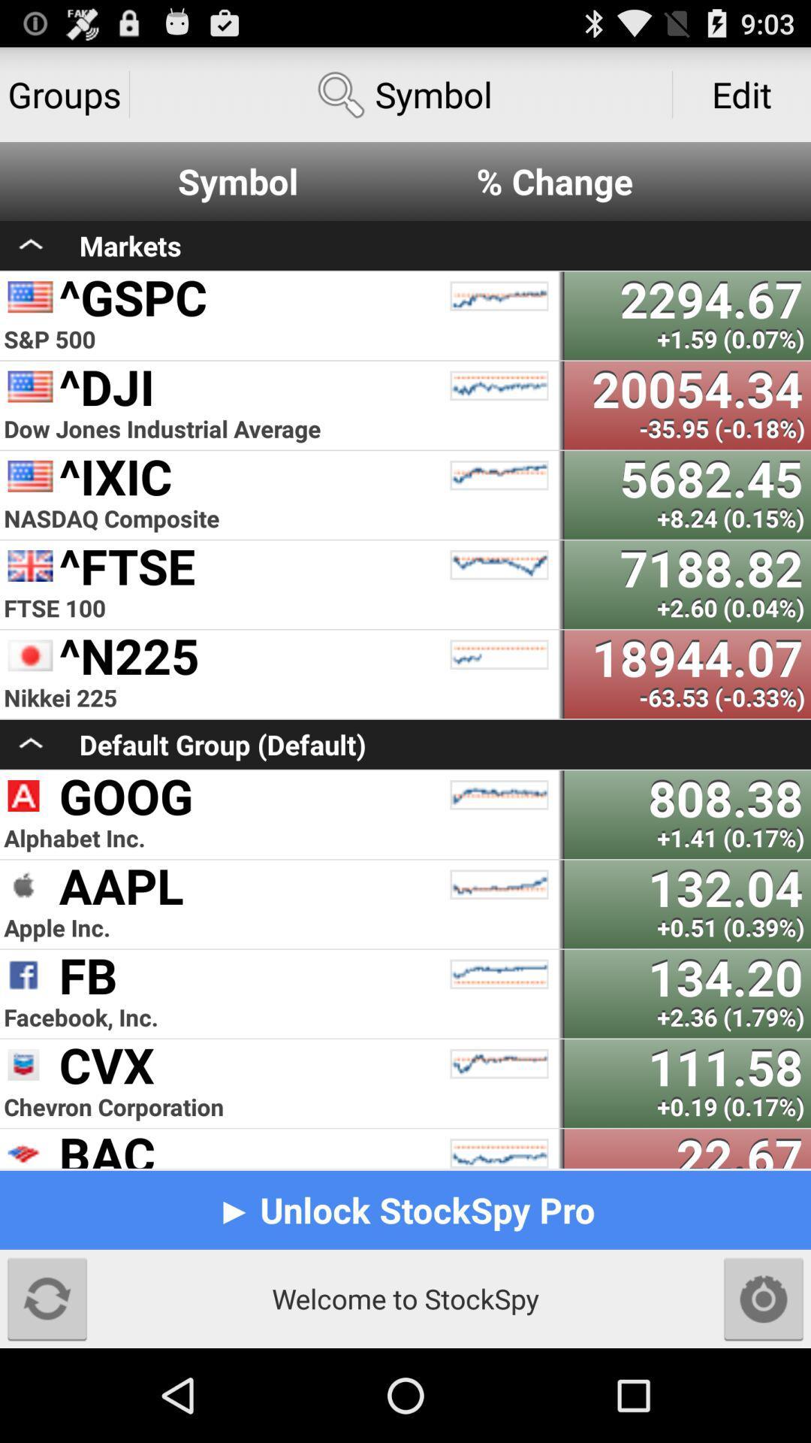  Describe the element at coordinates (46, 1298) in the screenshot. I see `refresh stocks` at that location.